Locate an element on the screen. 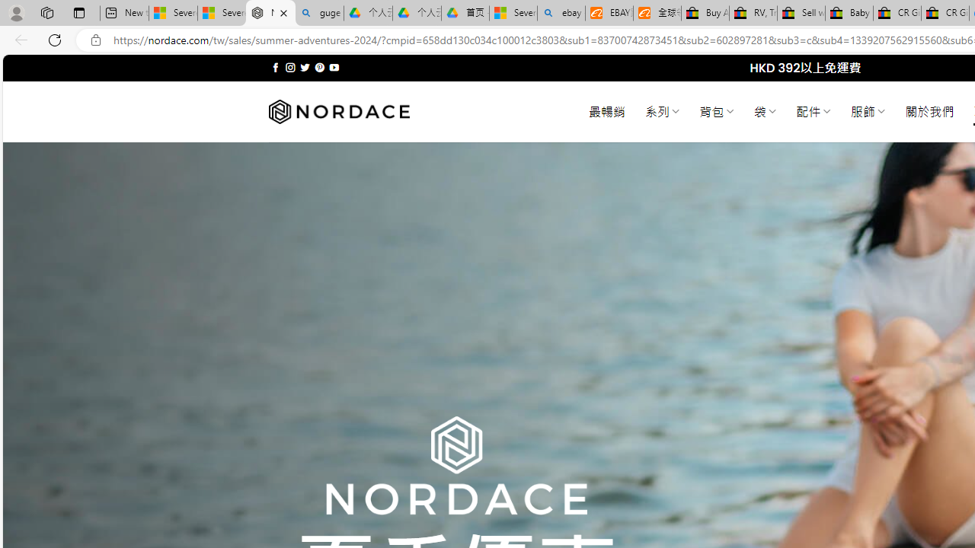 This screenshot has height=548, width=975. 'Follow on Twitter' is located at coordinates (305, 67).